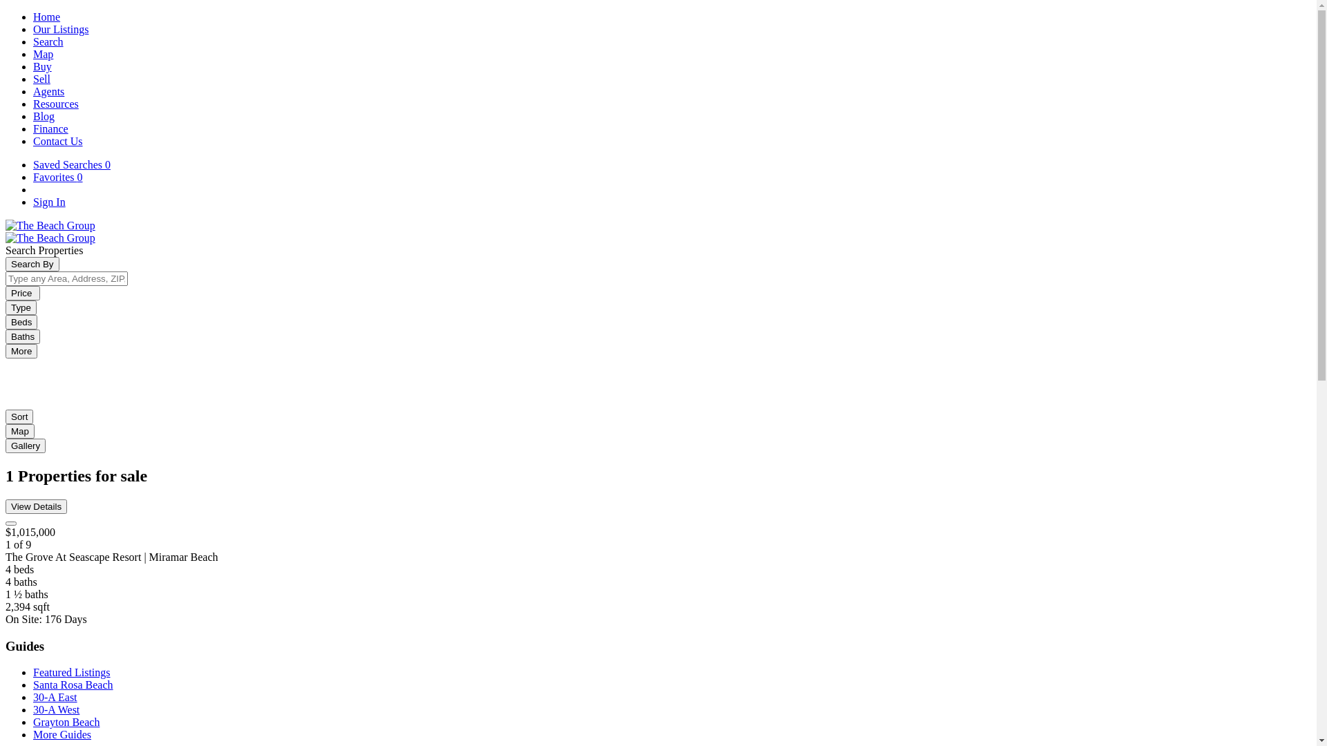 Image resolution: width=1327 pixels, height=746 pixels. Describe the element at coordinates (46, 17) in the screenshot. I see `'Home'` at that location.